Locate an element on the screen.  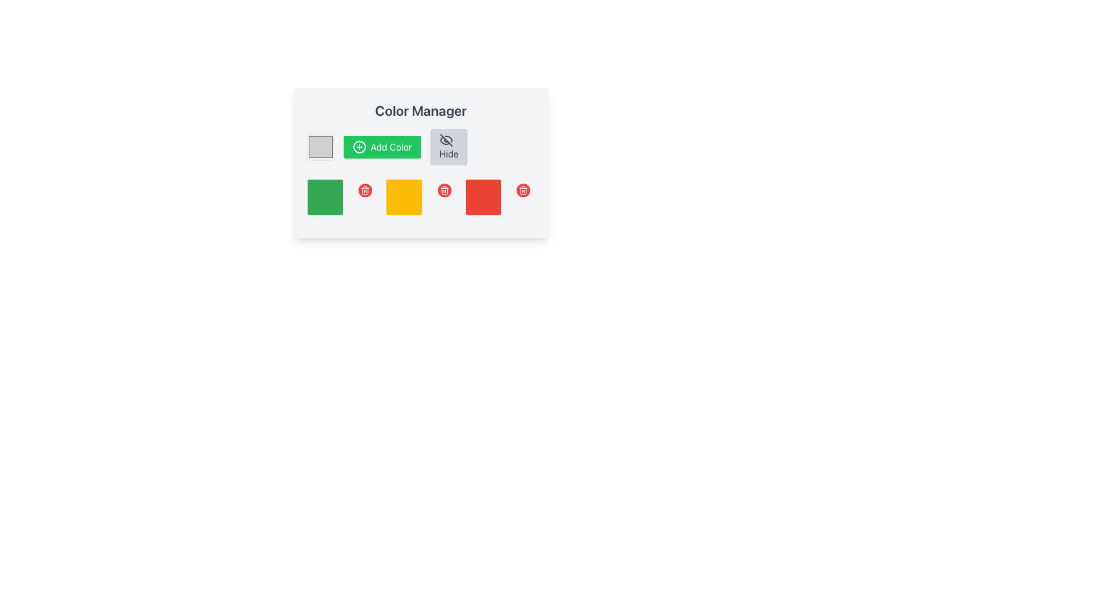
the red color block element, which is the third box in the second row of the color management interface is located at coordinates (500, 197).